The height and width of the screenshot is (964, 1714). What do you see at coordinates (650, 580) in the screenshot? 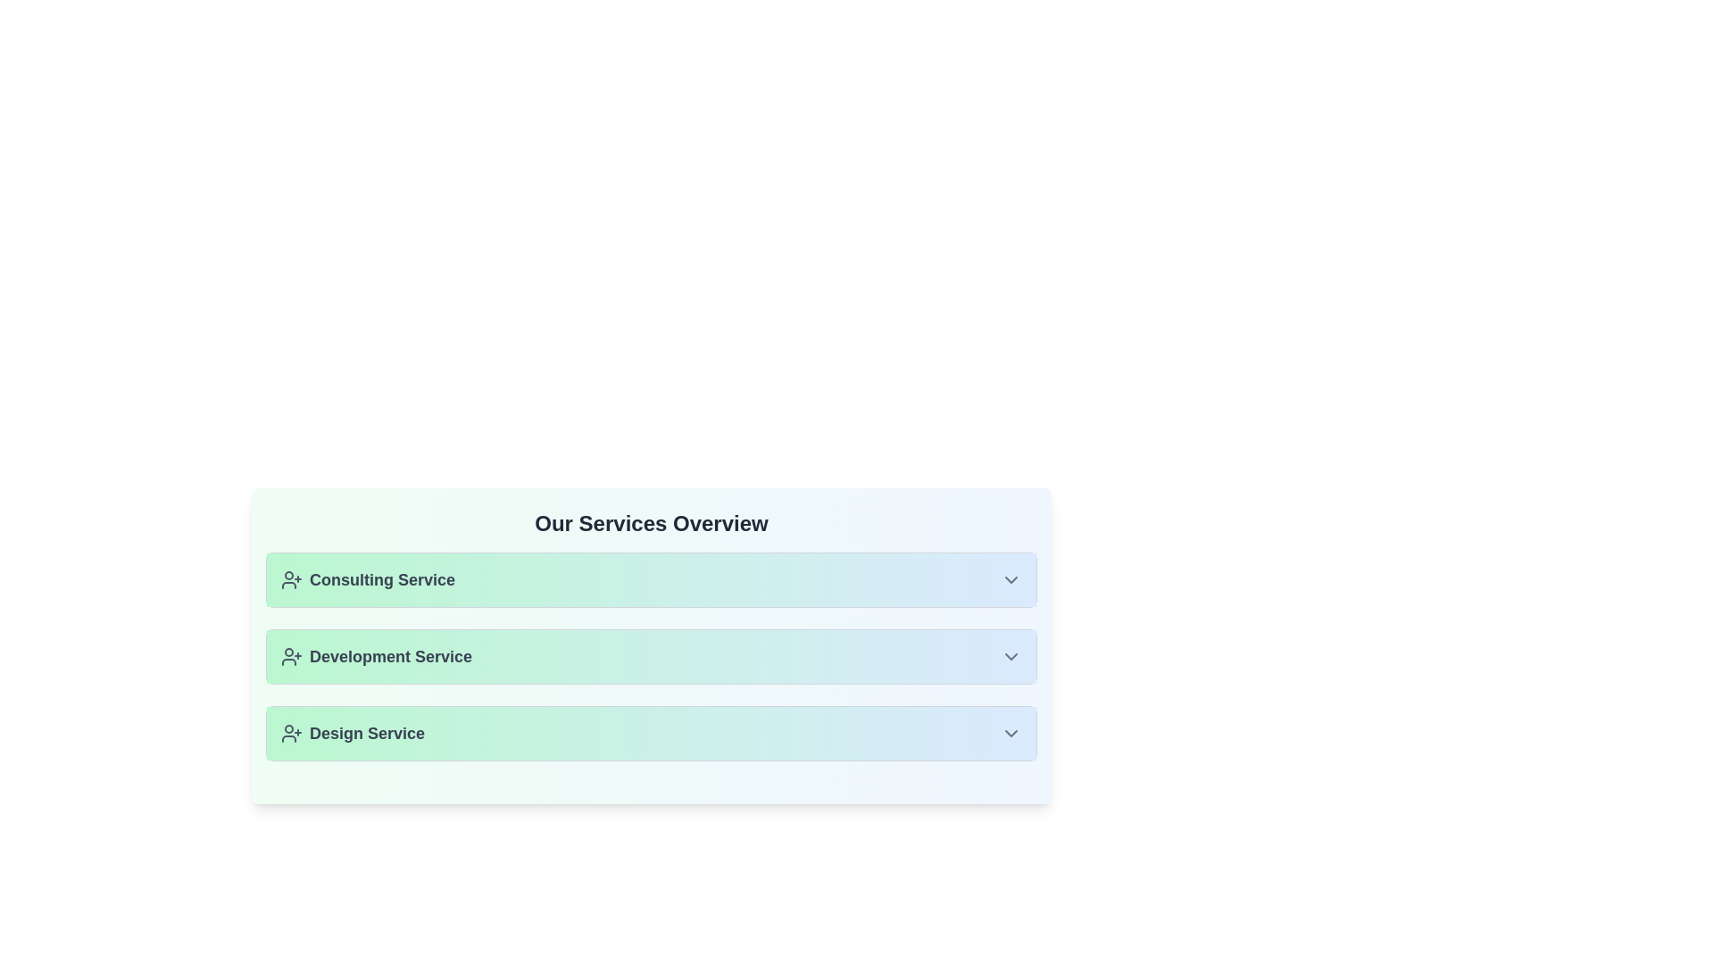
I see `the collapsible header for the 'Consulting Service' to enable keyboard navigation` at bounding box center [650, 580].